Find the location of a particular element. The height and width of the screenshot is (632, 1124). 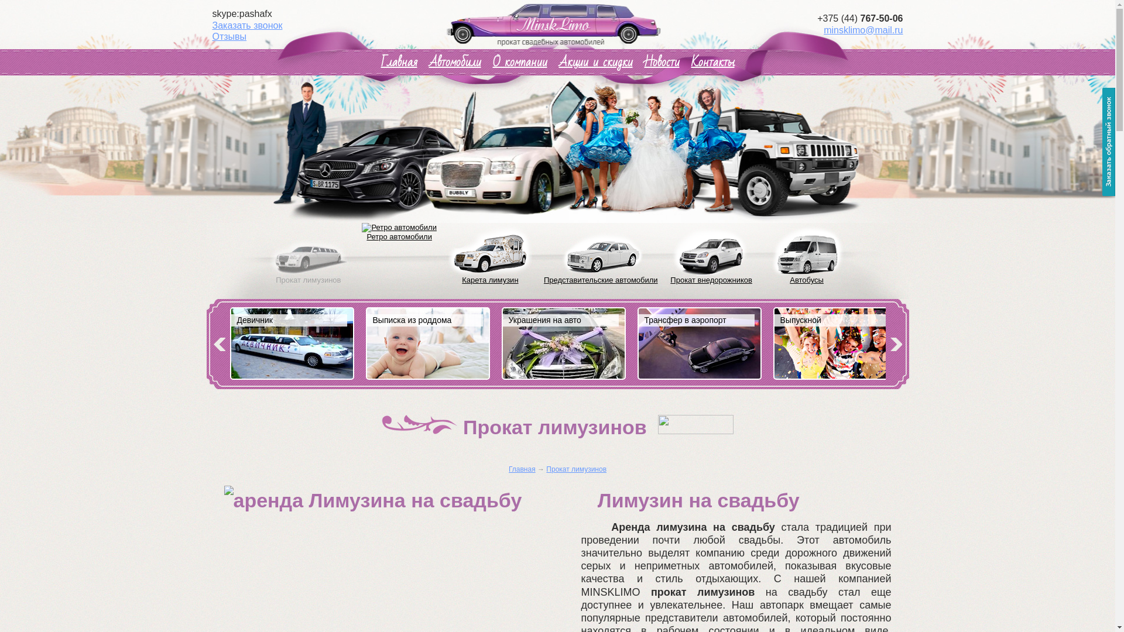

'#slide_56' is located at coordinates (502, 348).